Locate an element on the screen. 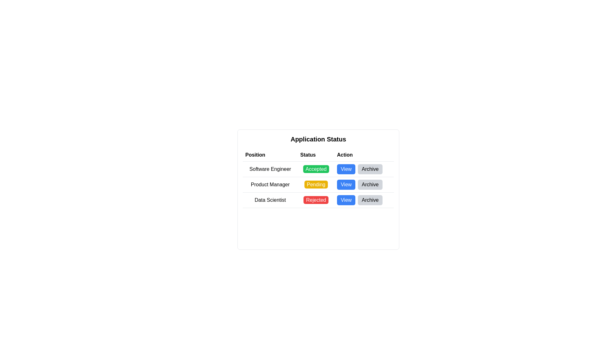 Image resolution: width=607 pixels, height=341 pixels. the 'Pending' status of the job row for the 'Product Manager' position to interact with it is located at coordinates (318, 185).